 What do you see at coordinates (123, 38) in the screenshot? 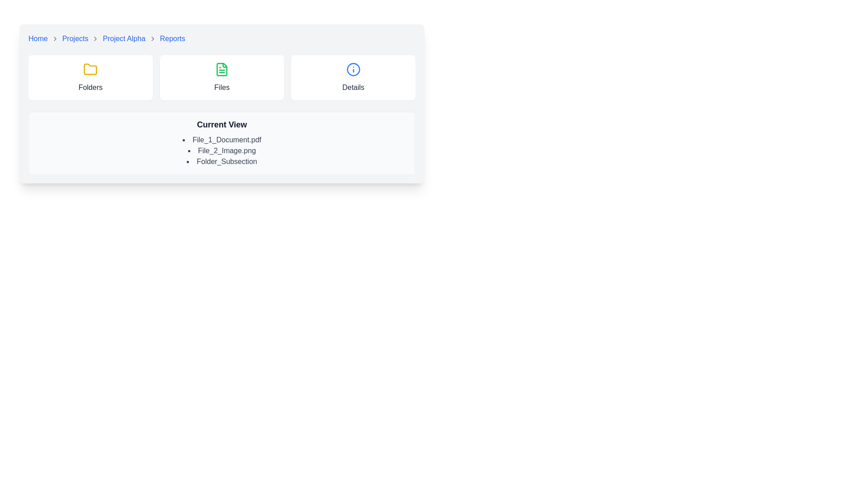
I see `the third clickable hyperlink in the breadcrumb navigation bar` at bounding box center [123, 38].